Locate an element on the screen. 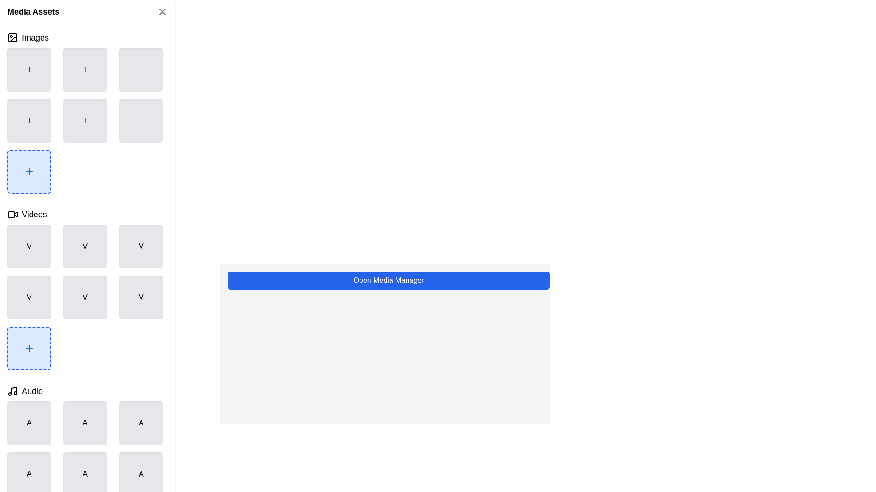 The width and height of the screenshot is (876, 492). the Grid item placeholder with a light gray background and the centered letter 'V' located in the second row and second column under the 'Videos' section is located at coordinates (85, 246).